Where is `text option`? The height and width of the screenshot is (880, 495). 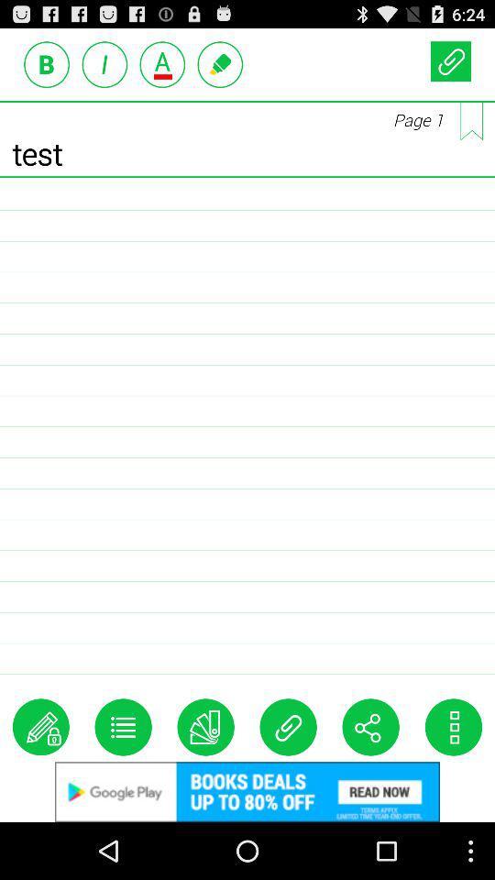
text option is located at coordinates (104, 64).